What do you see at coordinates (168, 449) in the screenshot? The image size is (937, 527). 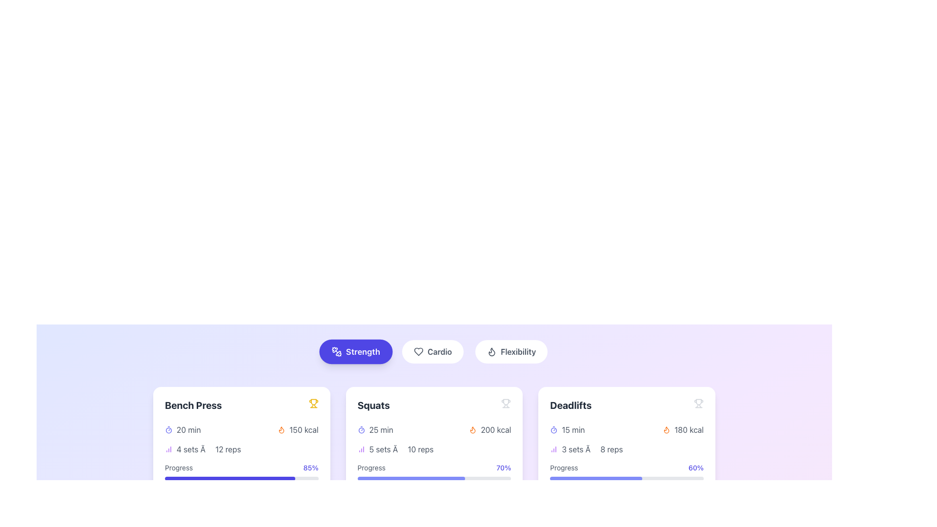 I see `the exercise sets and repetitions icon located to the left of the text '4 sets × 12 reps', which visually represents data or progress related to exercise` at bounding box center [168, 449].